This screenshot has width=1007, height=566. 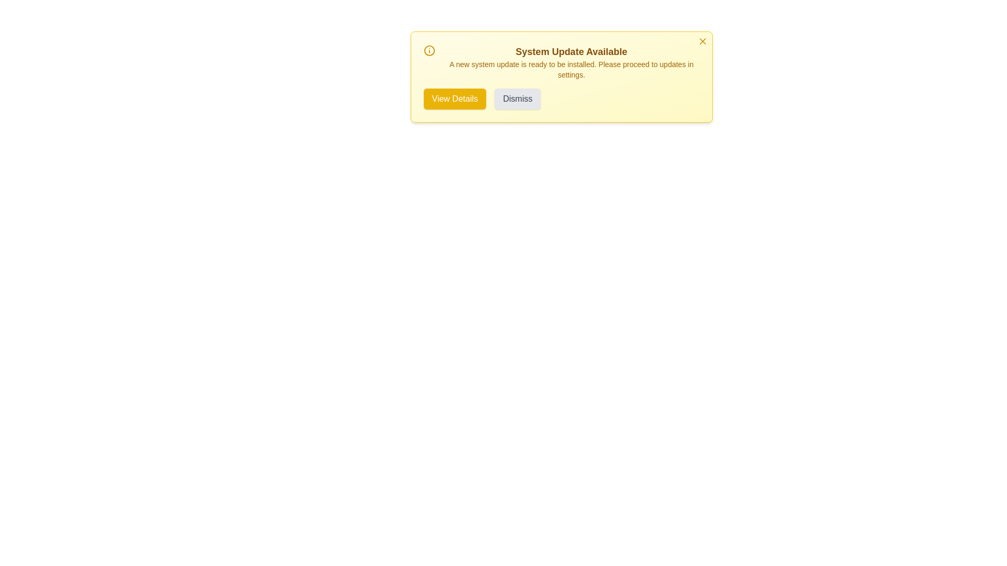 I want to click on the button located to the left of the 'Dismiss' button, so click(x=455, y=99).